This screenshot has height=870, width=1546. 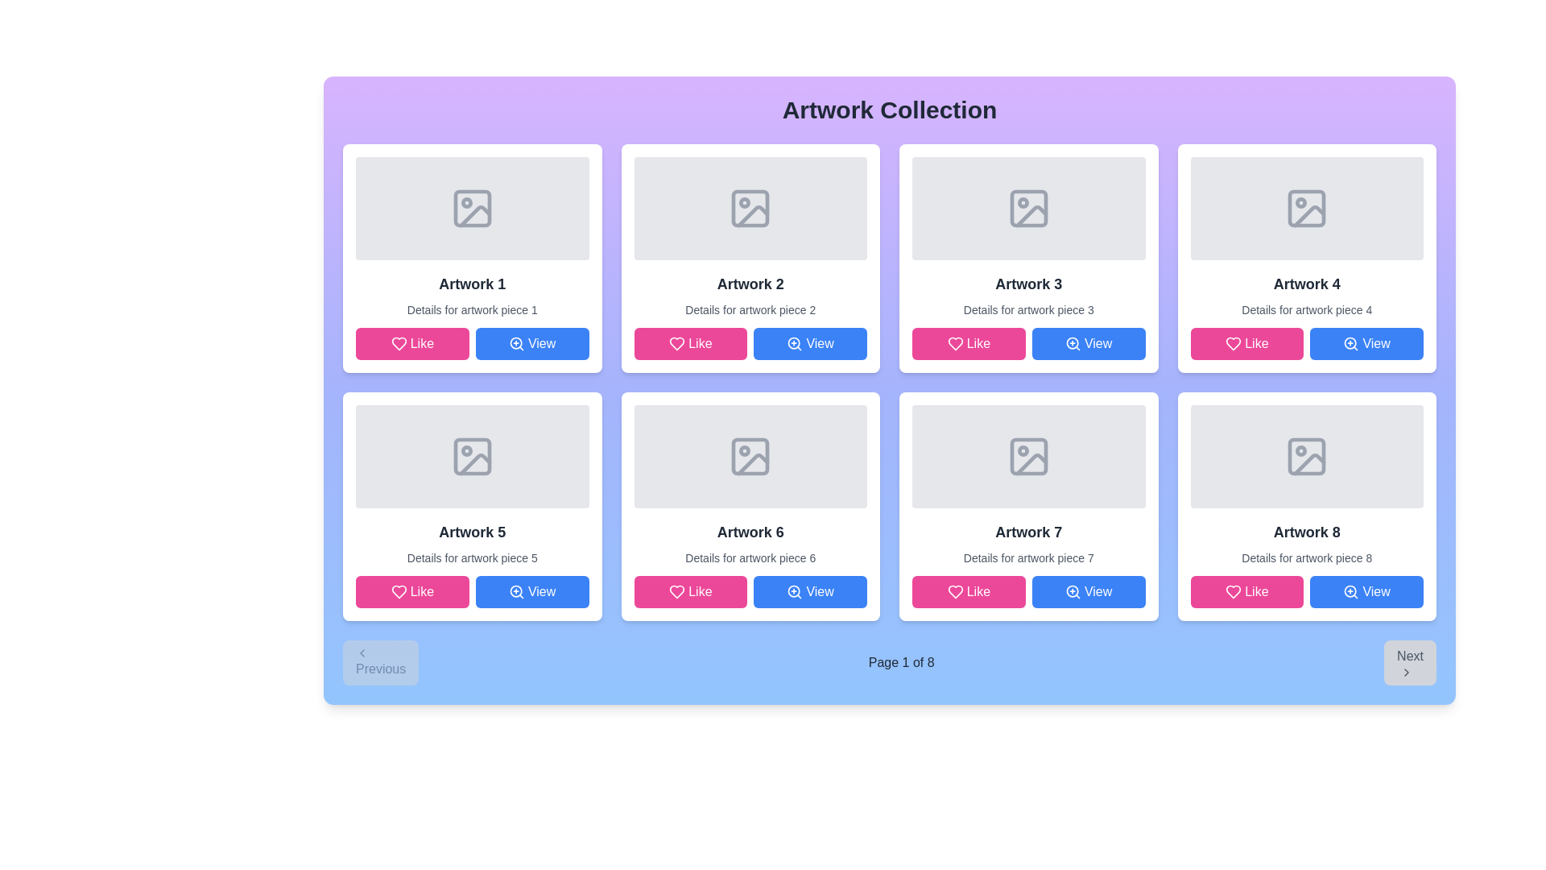 I want to click on text label that displays 'Details for artwork piece 6', which is located beneath the title 'Artwork 6' in the card layout, so click(x=750, y=557).